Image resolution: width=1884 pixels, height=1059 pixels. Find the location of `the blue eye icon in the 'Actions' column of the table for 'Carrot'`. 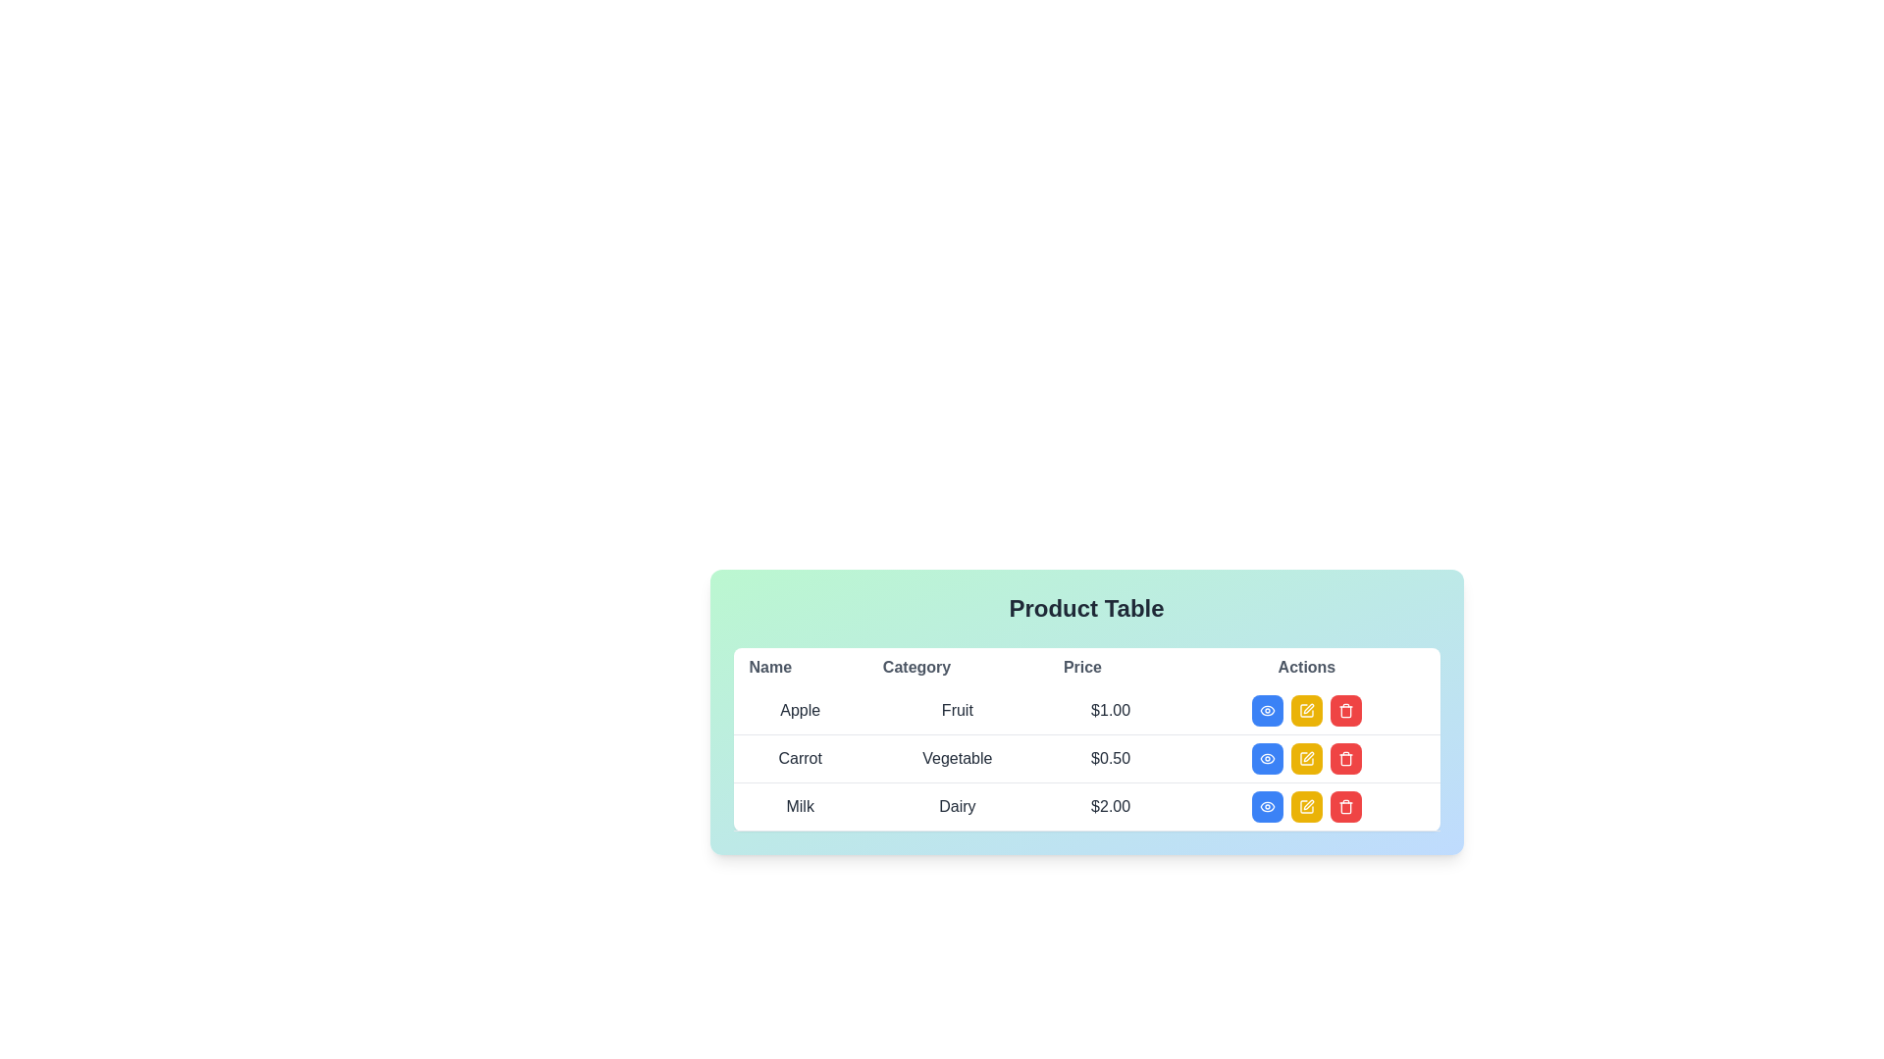

the blue eye icon in the 'Actions' column of the table for 'Carrot' is located at coordinates (1267, 758).